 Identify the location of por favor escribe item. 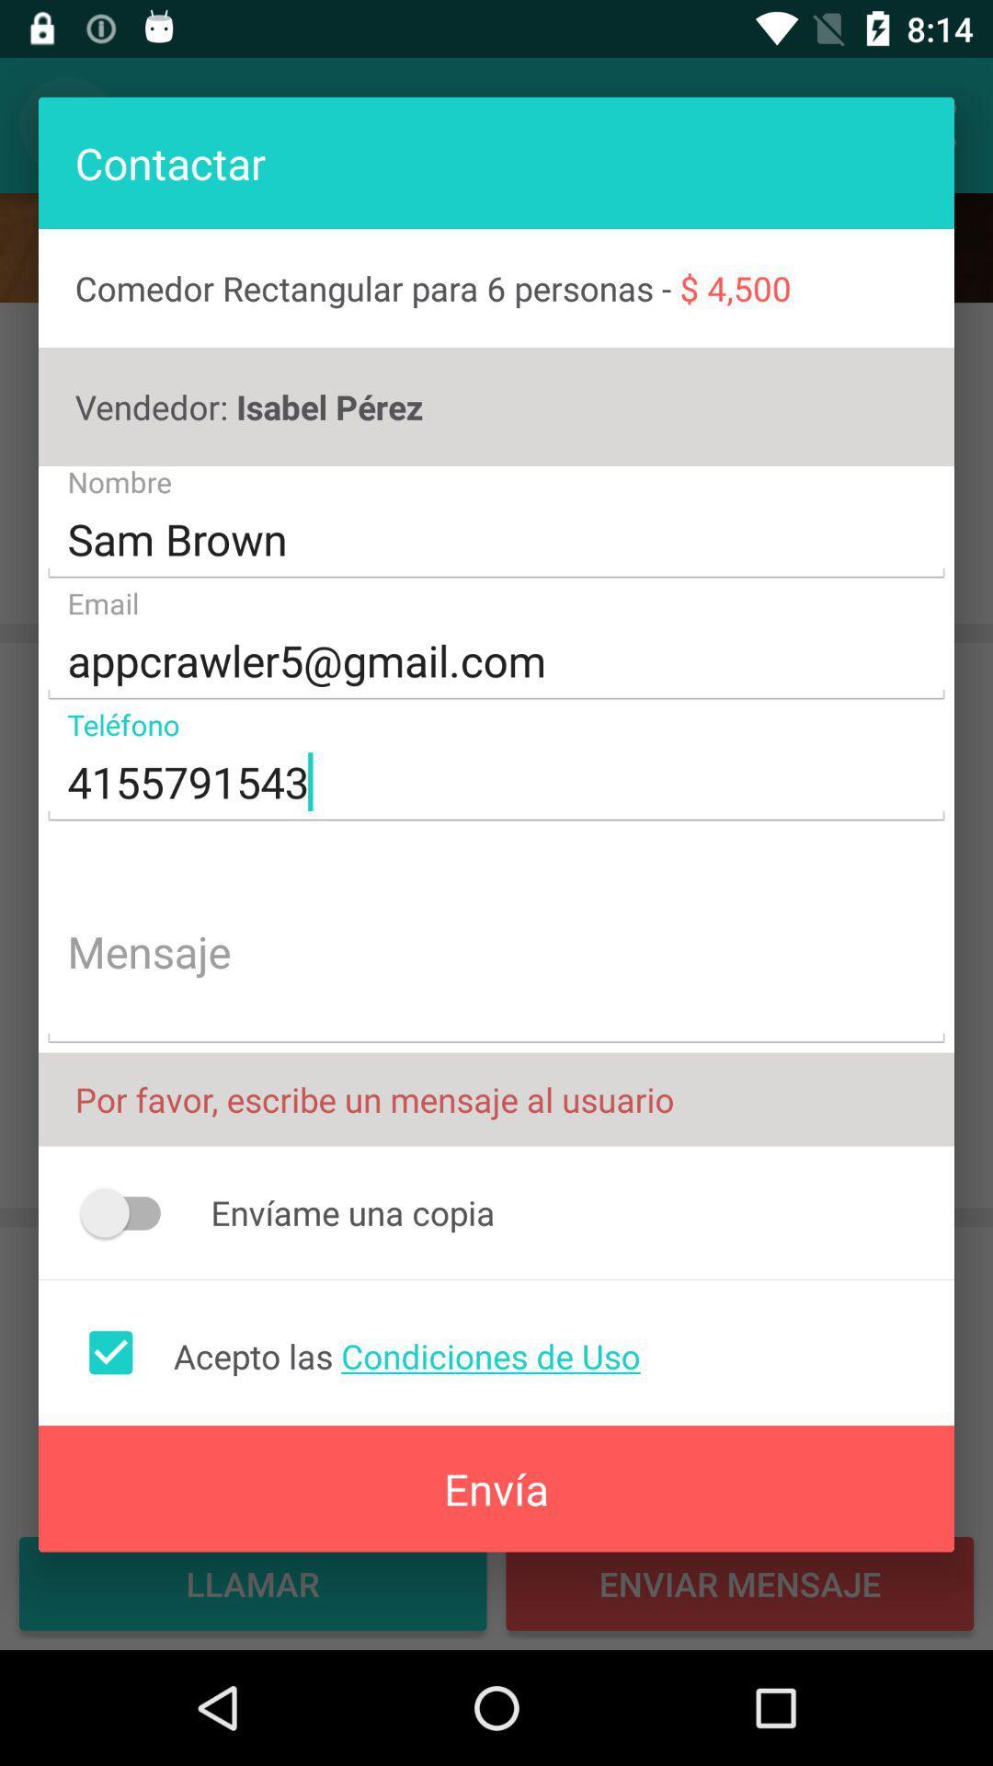
(496, 1099).